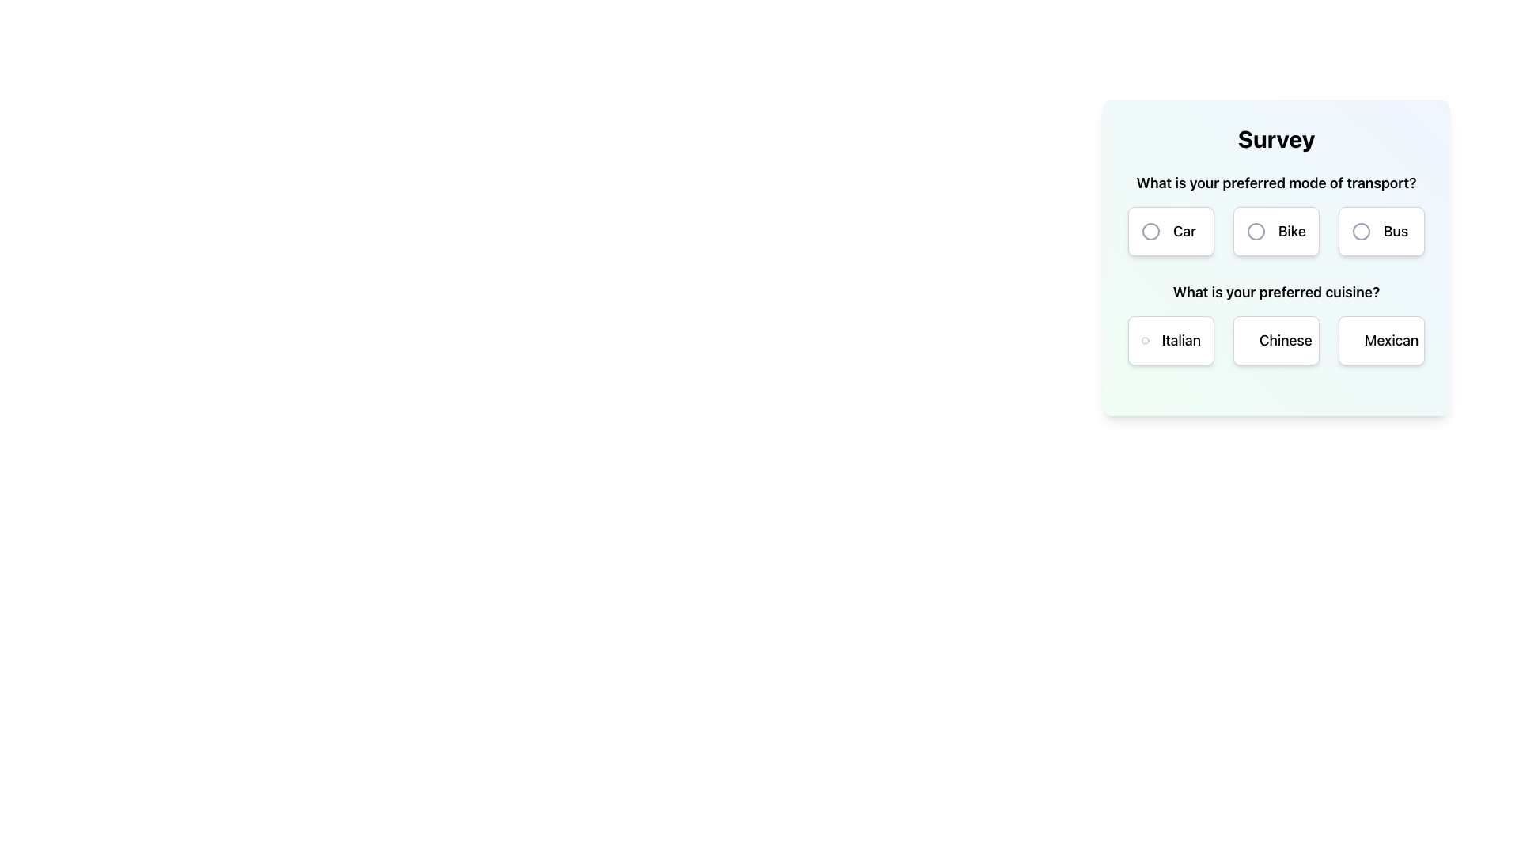 The width and height of the screenshot is (1519, 854). I want to click on the circular radio button for the 'Chinese' option in the survey form, so click(1256, 340).